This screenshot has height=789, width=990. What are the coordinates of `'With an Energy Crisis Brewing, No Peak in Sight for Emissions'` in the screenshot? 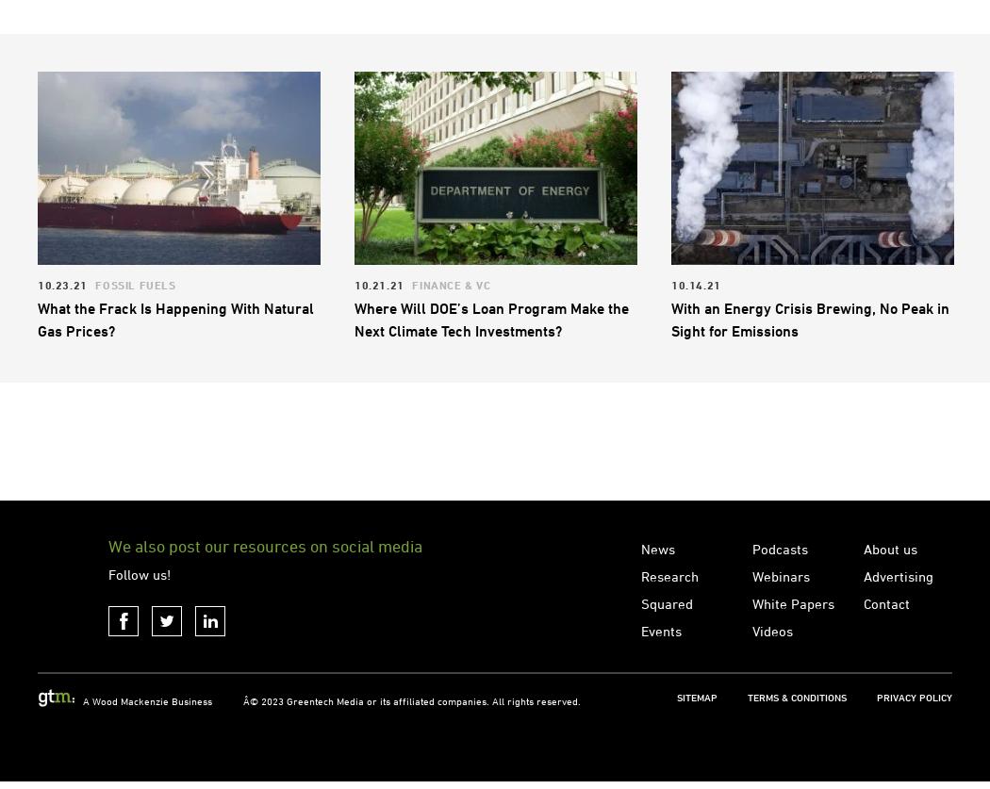 It's located at (809, 395).